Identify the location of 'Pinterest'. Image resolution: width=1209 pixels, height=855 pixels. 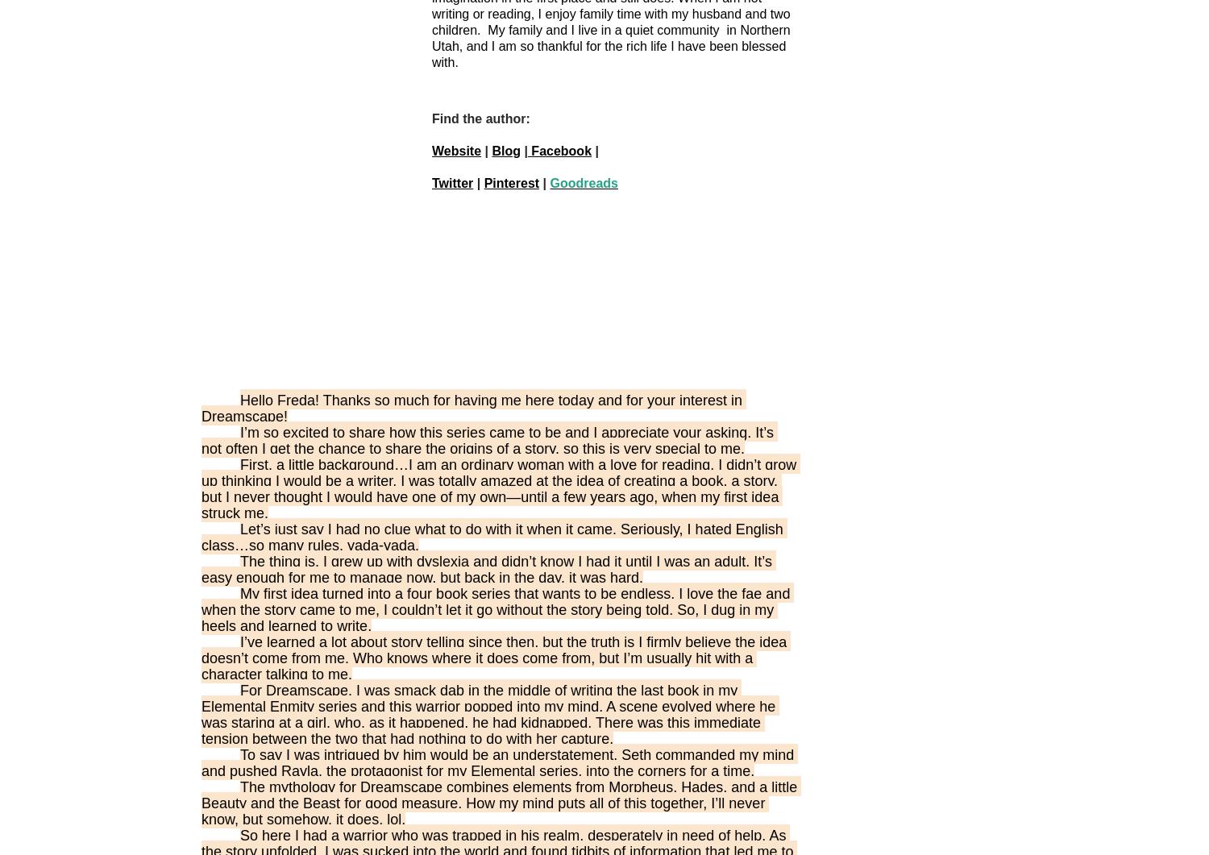
(483, 182).